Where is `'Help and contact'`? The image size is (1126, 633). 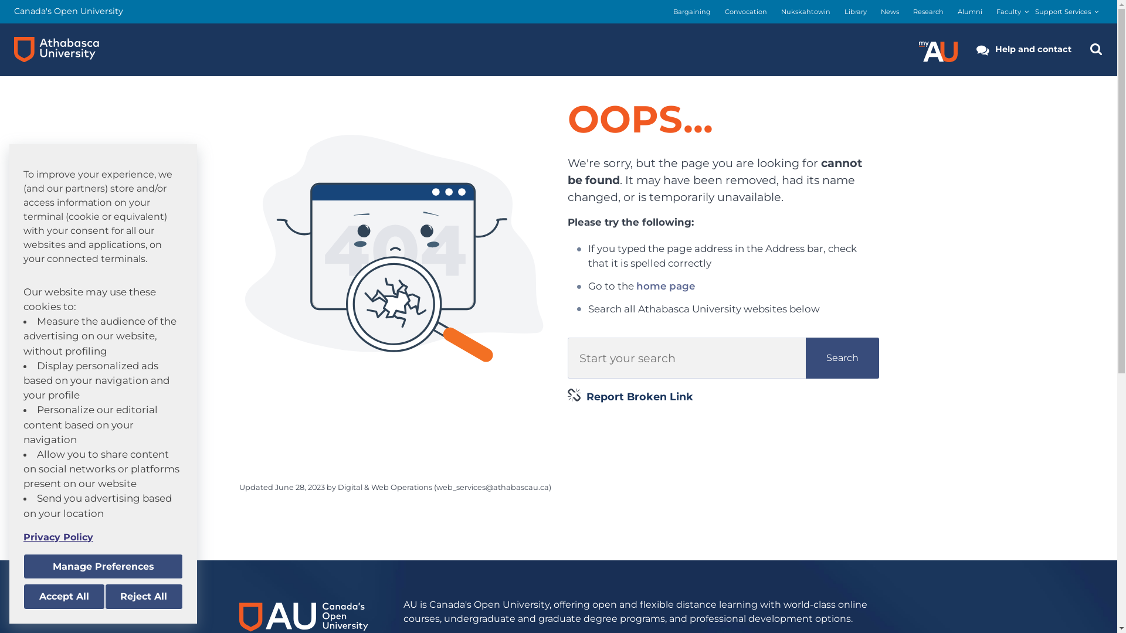
'Help and contact' is located at coordinates (1023, 49).